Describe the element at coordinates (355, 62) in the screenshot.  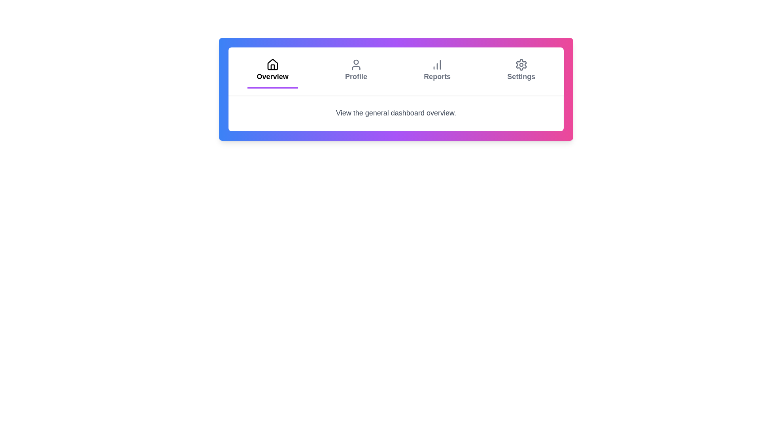
I see `the user profile icon` at that location.